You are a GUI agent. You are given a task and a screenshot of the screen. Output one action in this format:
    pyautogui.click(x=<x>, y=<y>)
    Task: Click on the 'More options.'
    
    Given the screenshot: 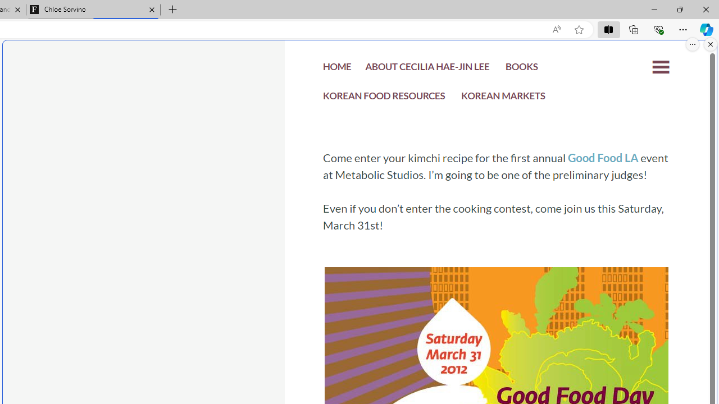 What is the action you would take?
    pyautogui.click(x=692, y=44)
    